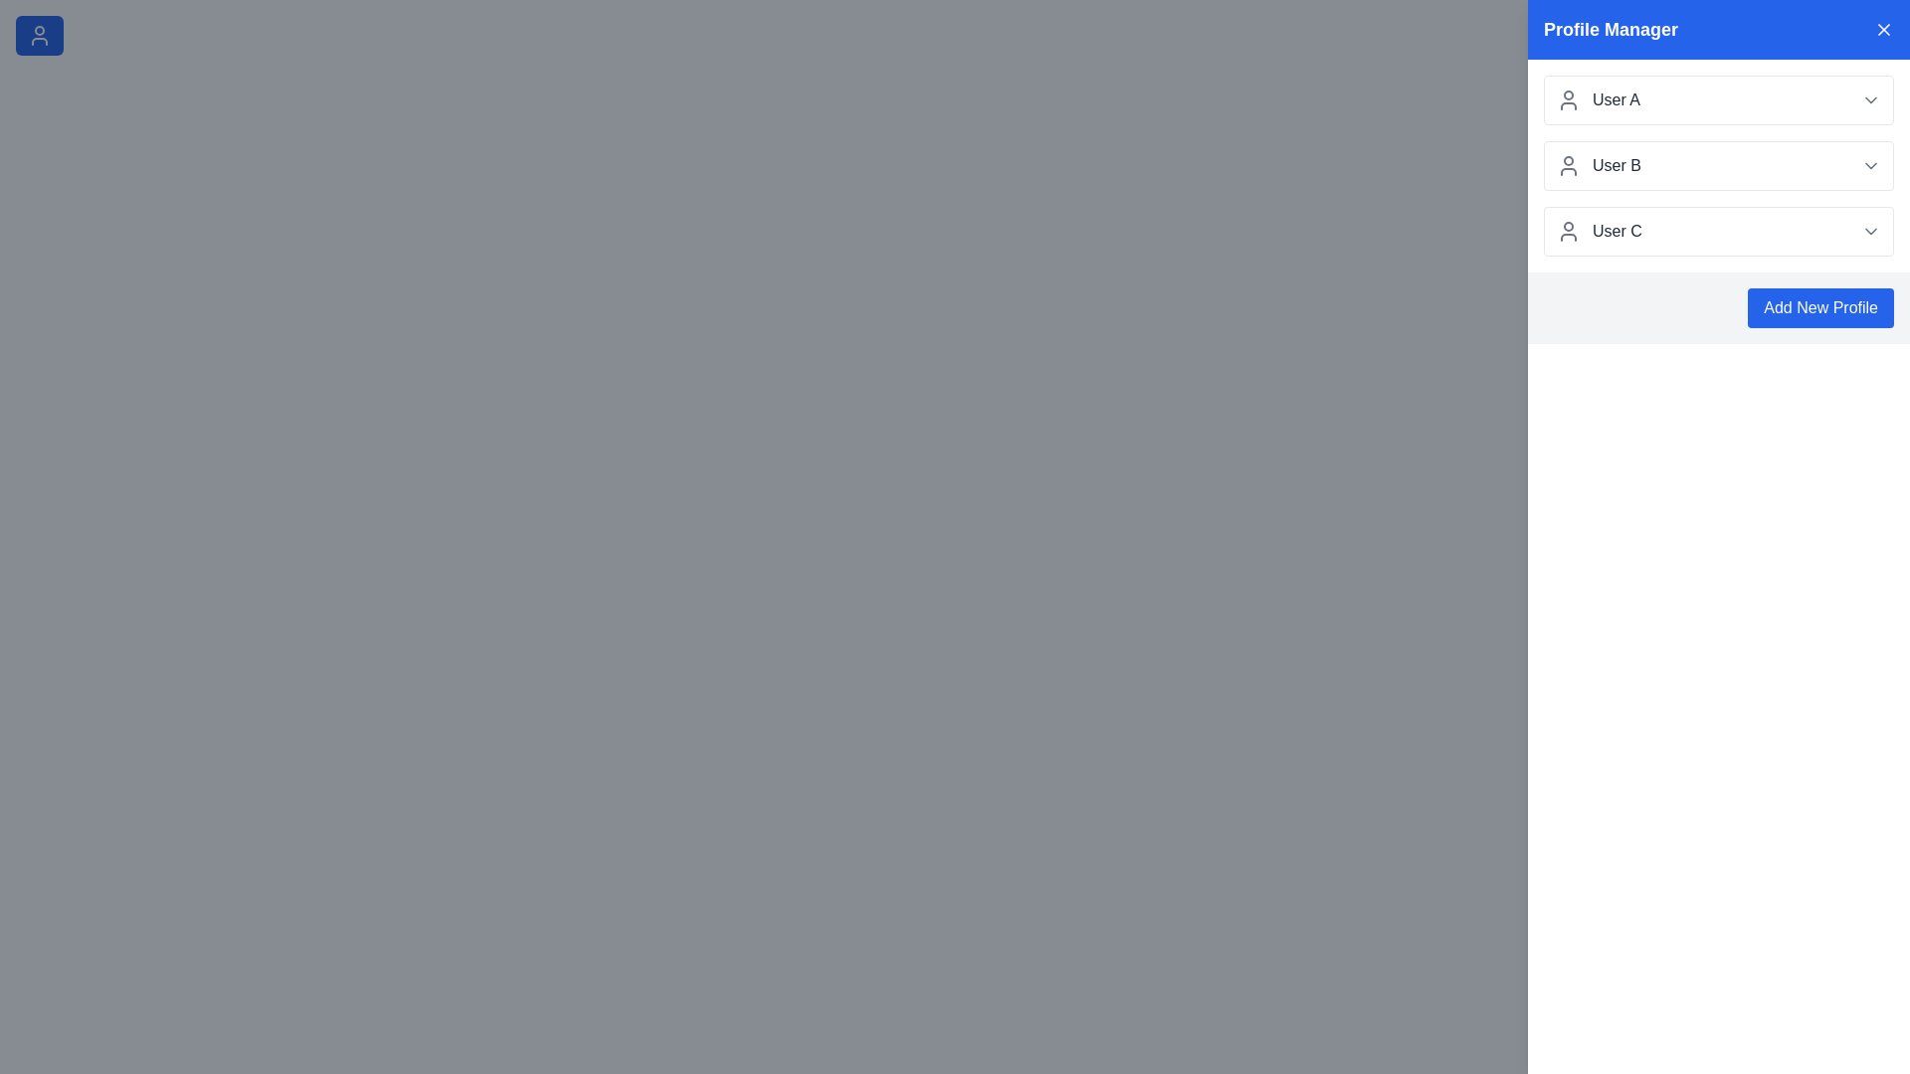 The width and height of the screenshot is (1910, 1074). I want to click on text label identifying the name 'User C' in the third user profile entry within the 'Profile Manager' section, located between the user icon and the dropdown chevron icon, so click(1617, 230).